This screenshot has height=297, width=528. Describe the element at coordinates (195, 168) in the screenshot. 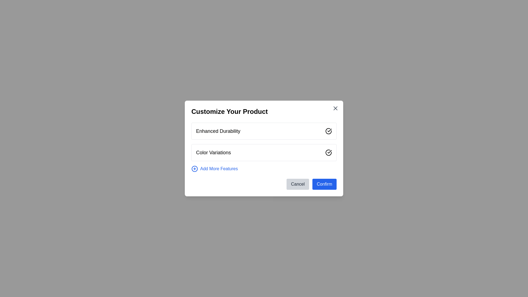

I see `the circular icon representing the addition functionality, located to the left of the 'Add More Features' text link within the modal box` at that location.